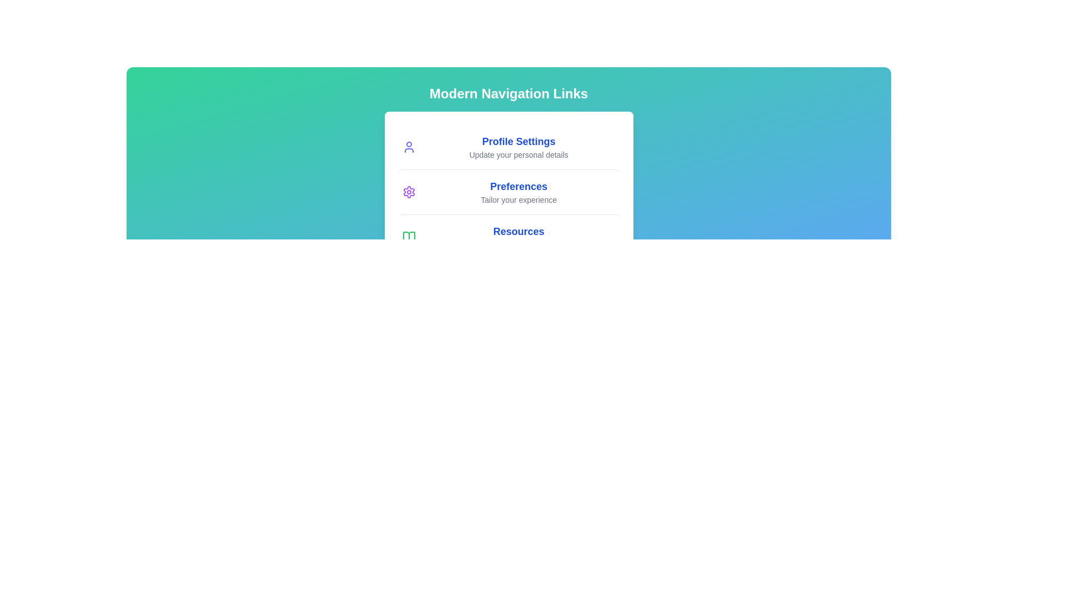 The image size is (1066, 600). I want to click on the interactive navigation link located between the 'Profile Settings' and 'Resources' sections to visualize its interactive state, so click(508, 192).